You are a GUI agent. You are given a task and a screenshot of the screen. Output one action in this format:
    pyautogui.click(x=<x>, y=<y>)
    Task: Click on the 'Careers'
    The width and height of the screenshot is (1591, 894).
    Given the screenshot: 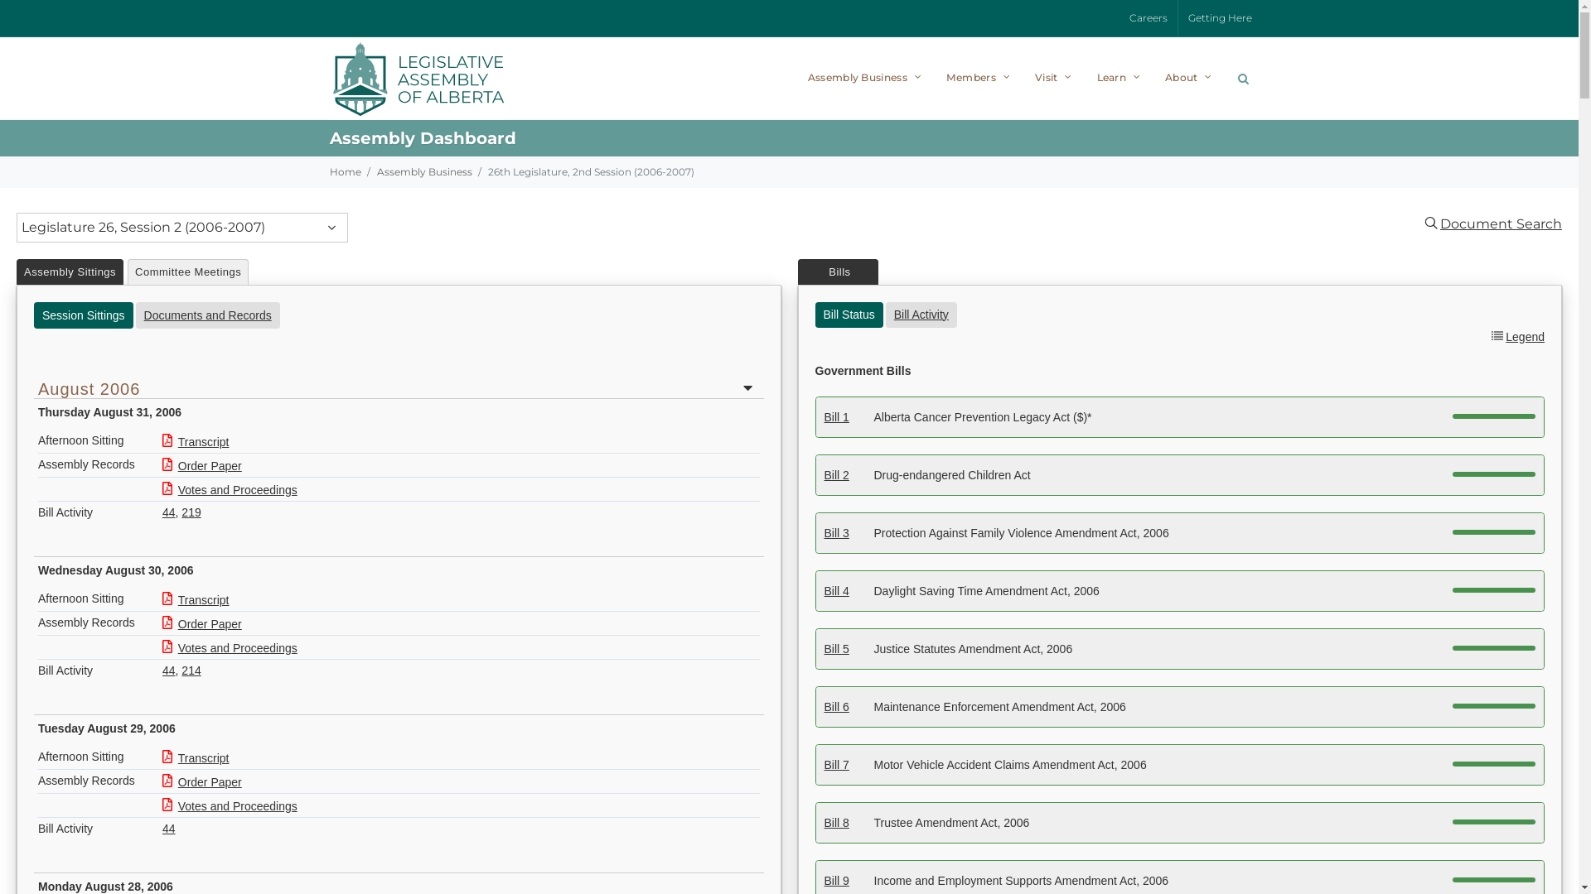 What is the action you would take?
    pyautogui.click(x=1147, y=18)
    